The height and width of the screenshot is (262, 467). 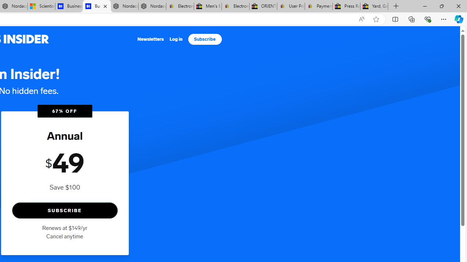 I want to click on 'Cancel anytime', so click(x=65, y=236).